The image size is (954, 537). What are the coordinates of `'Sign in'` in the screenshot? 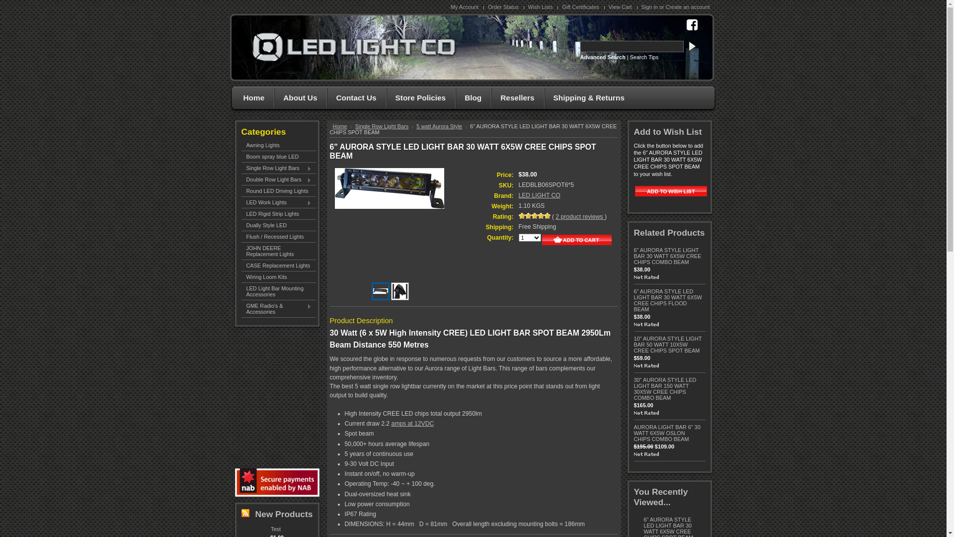 It's located at (641, 7).